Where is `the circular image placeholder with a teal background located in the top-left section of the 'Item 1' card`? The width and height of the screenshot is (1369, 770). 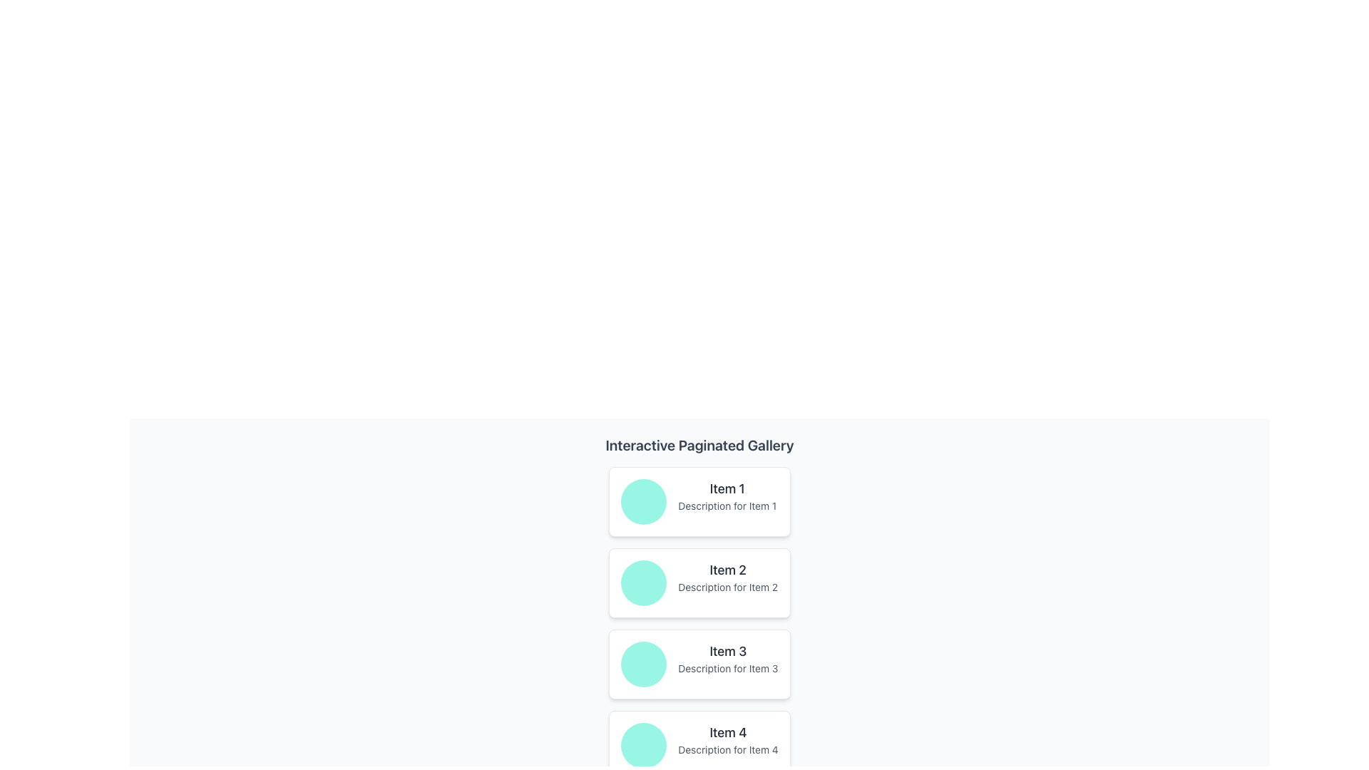
the circular image placeholder with a teal background located in the top-left section of the 'Item 1' card is located at coordinates (643, 501).